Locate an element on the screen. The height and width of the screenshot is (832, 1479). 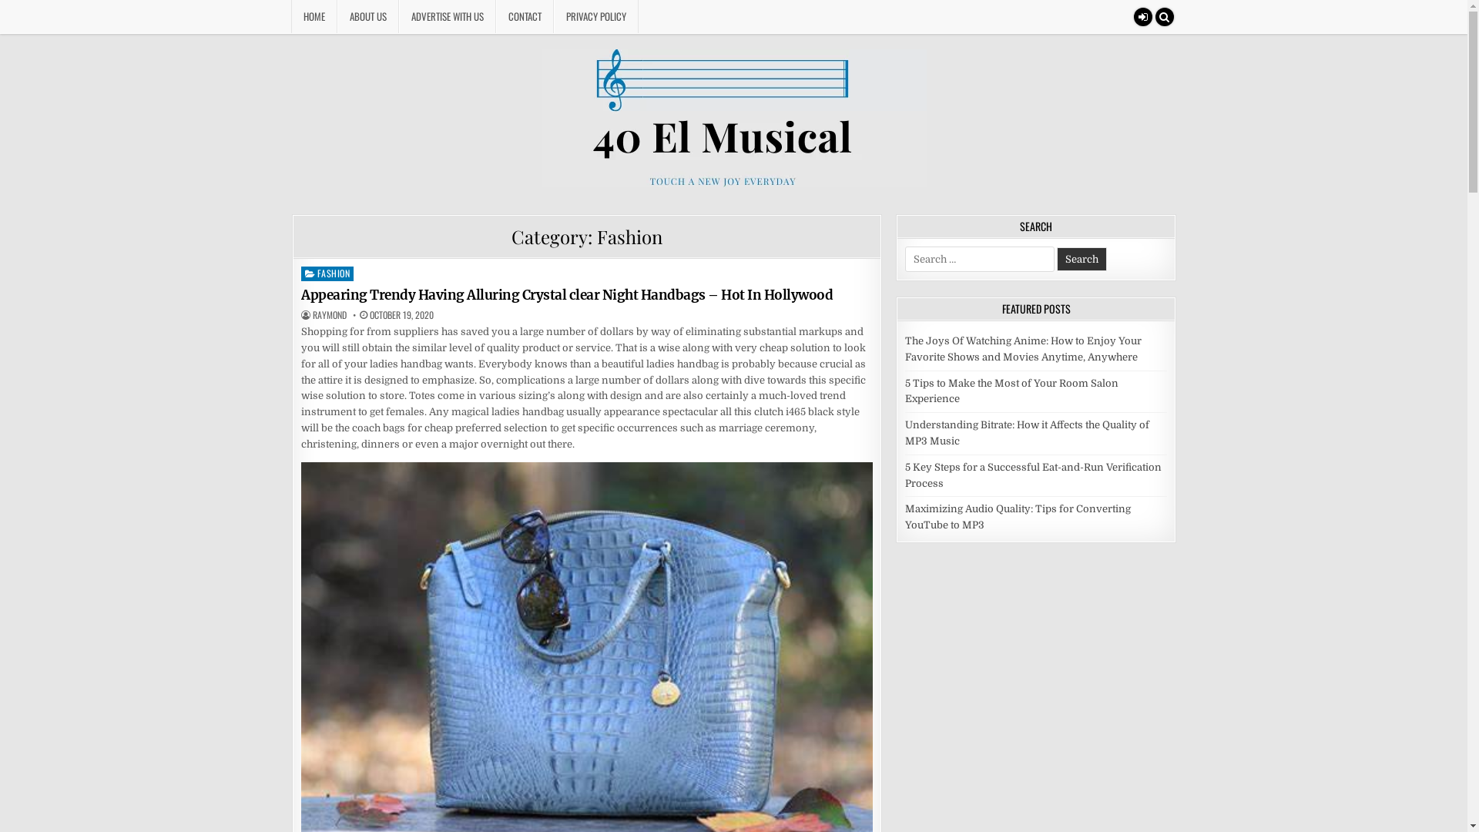
'PRIVACY POLICY' is located at coordinates (553, 16).